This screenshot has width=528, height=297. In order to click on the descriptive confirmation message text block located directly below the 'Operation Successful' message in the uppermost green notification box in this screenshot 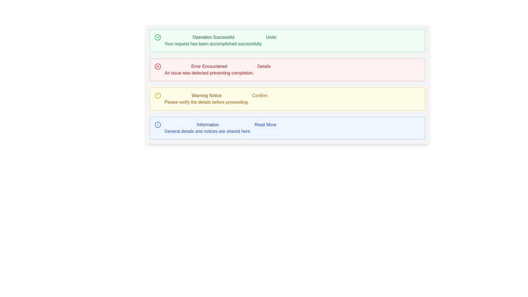, I will do `click(213, 43)`.